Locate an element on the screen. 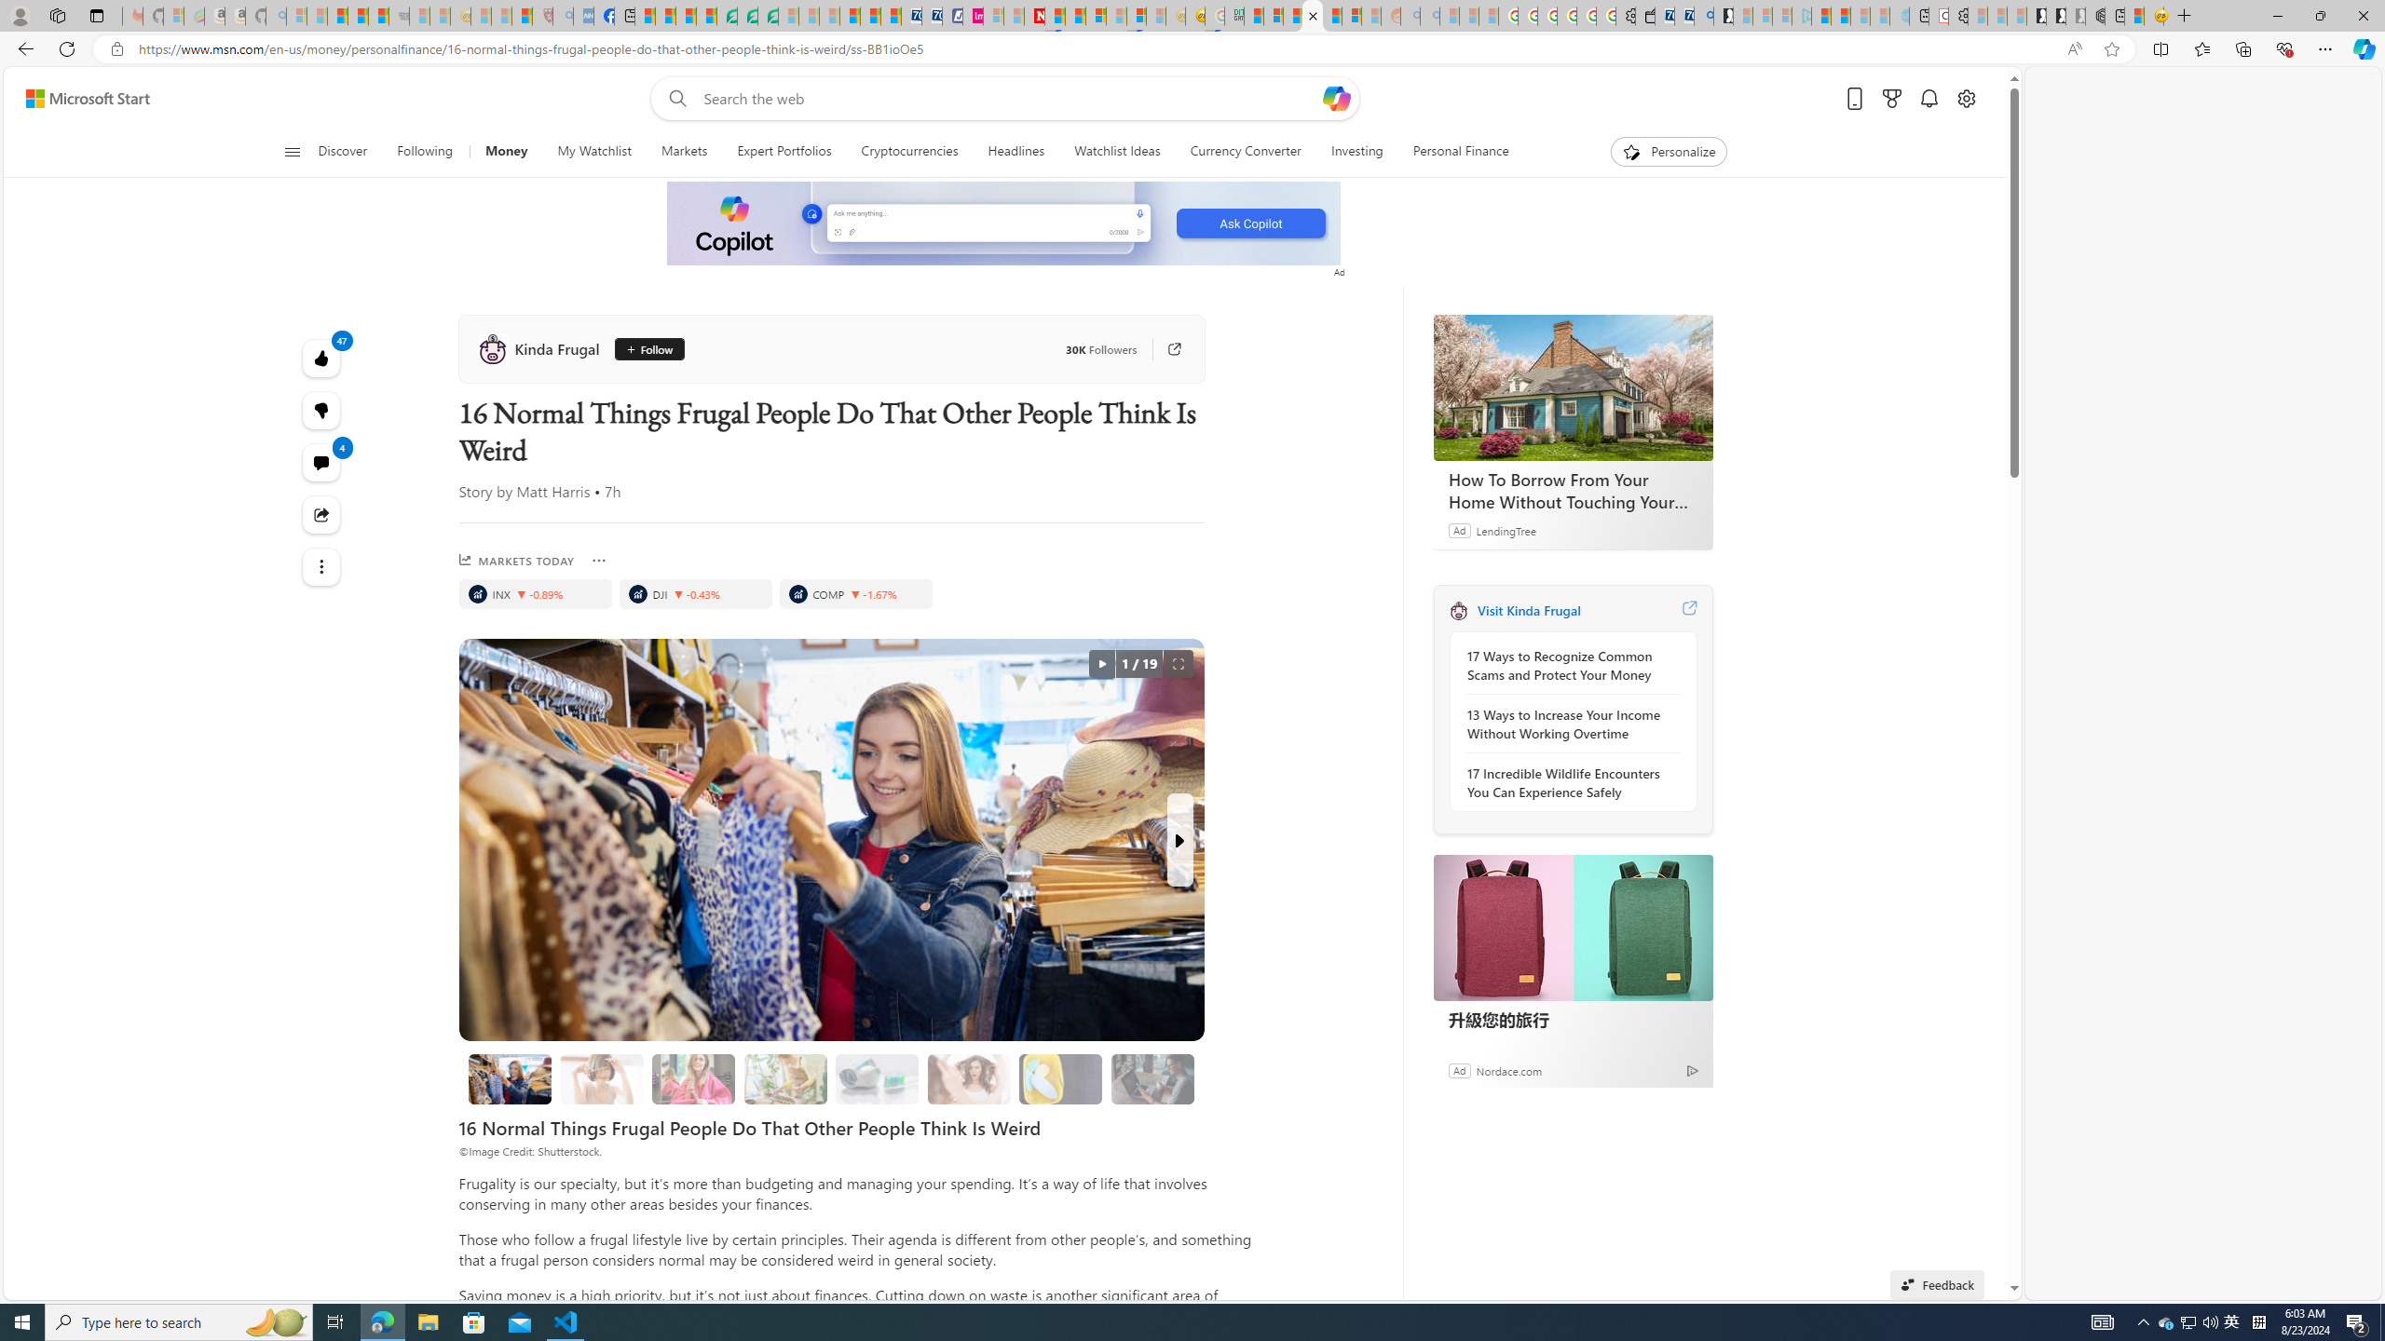 This screenshot has width=2385, height=1341. '1. Cutting Hair' is located at coordinates (601, 1078).